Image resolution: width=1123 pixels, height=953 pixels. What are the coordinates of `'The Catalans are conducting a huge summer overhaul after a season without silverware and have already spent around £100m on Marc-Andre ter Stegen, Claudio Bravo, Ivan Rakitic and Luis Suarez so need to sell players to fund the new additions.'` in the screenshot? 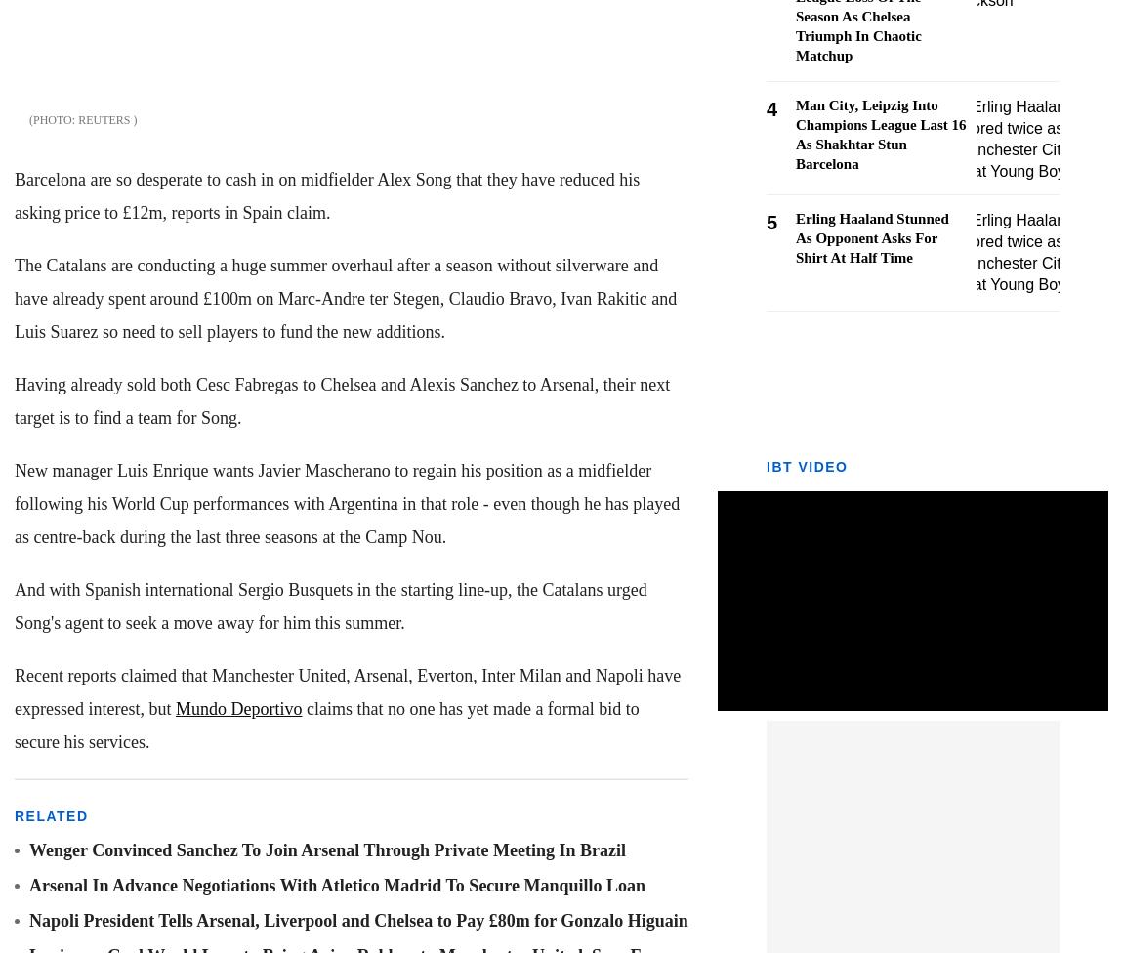 It's located at (345, 298).